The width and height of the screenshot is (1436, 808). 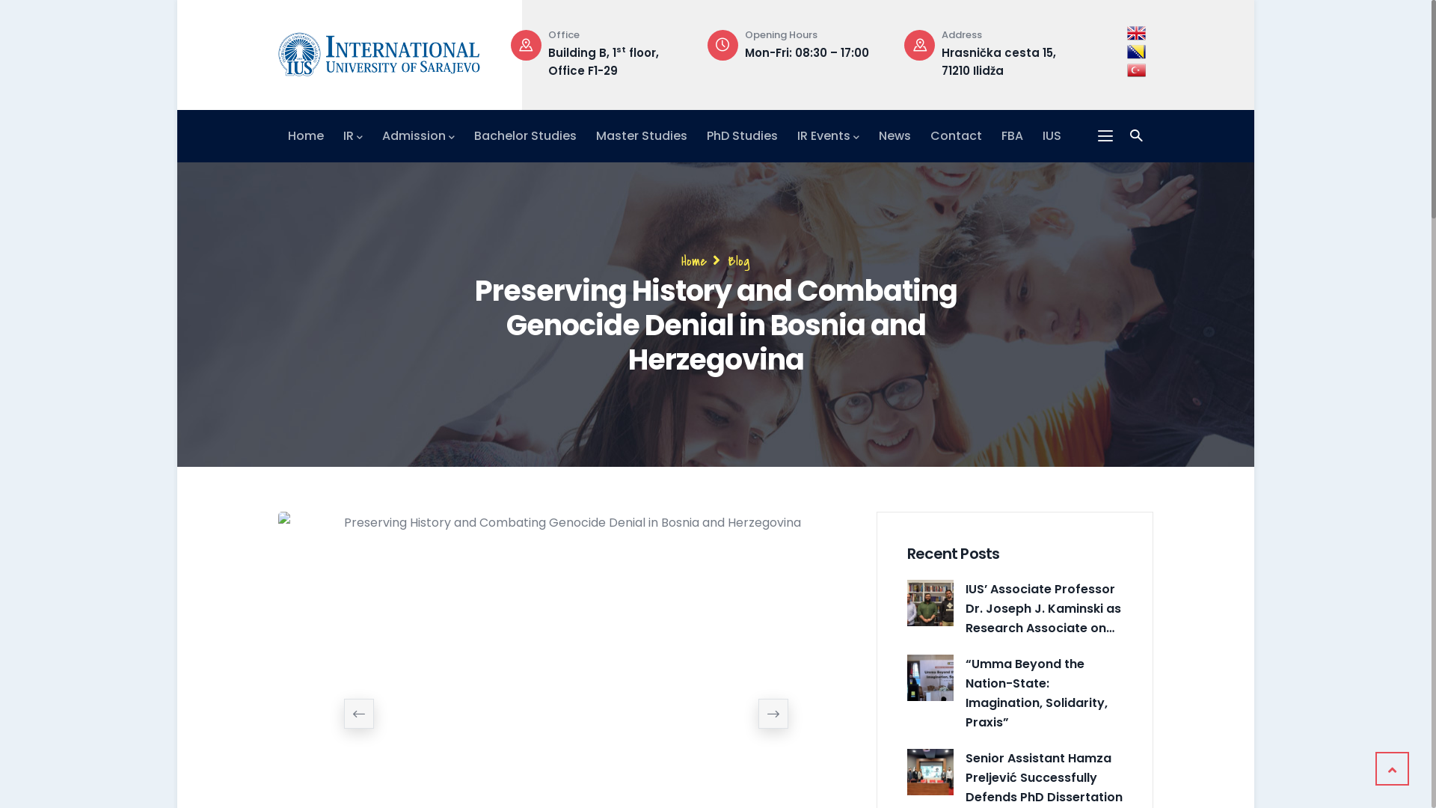 What do you see at coordinates (418, 135) in the screenshot?
I see `'Admission'` at bounding box center [418, 135].